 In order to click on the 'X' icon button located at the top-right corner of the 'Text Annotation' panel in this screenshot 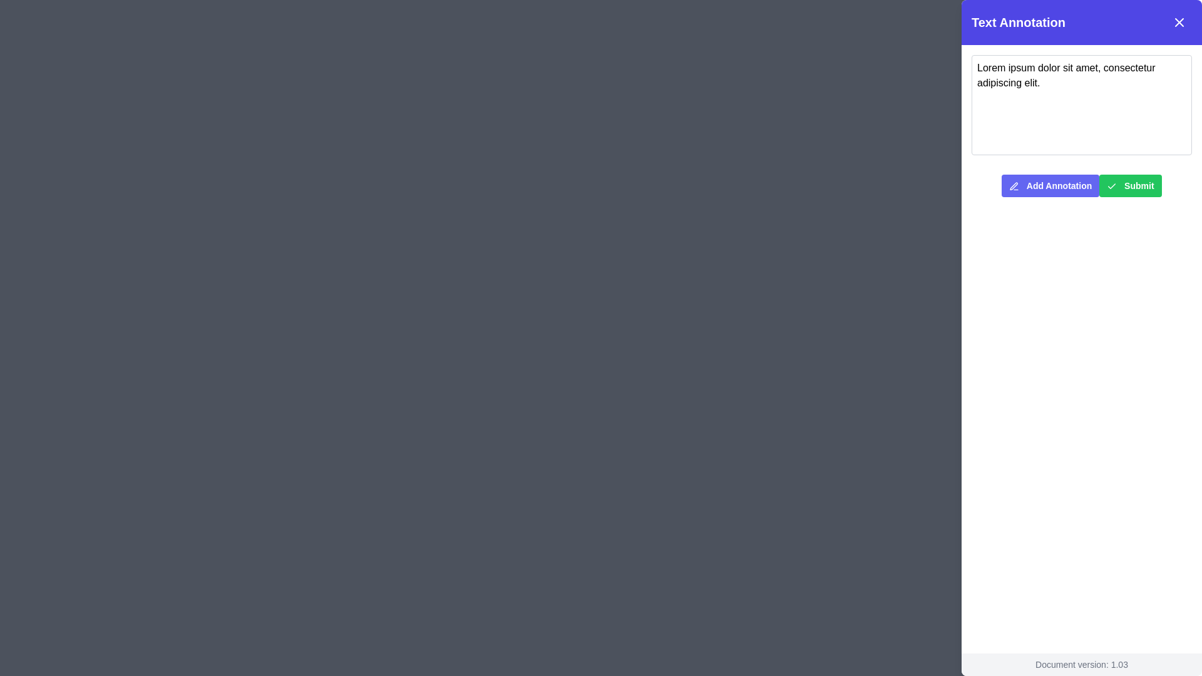, I will do `click(1178, 22)`.